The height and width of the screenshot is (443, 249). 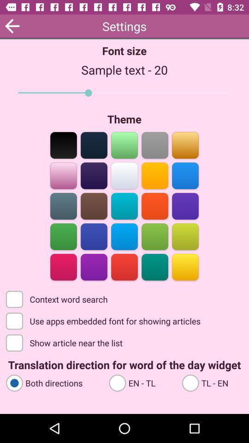 I want to click on the both directions radio button, so click(x=53, y=383).